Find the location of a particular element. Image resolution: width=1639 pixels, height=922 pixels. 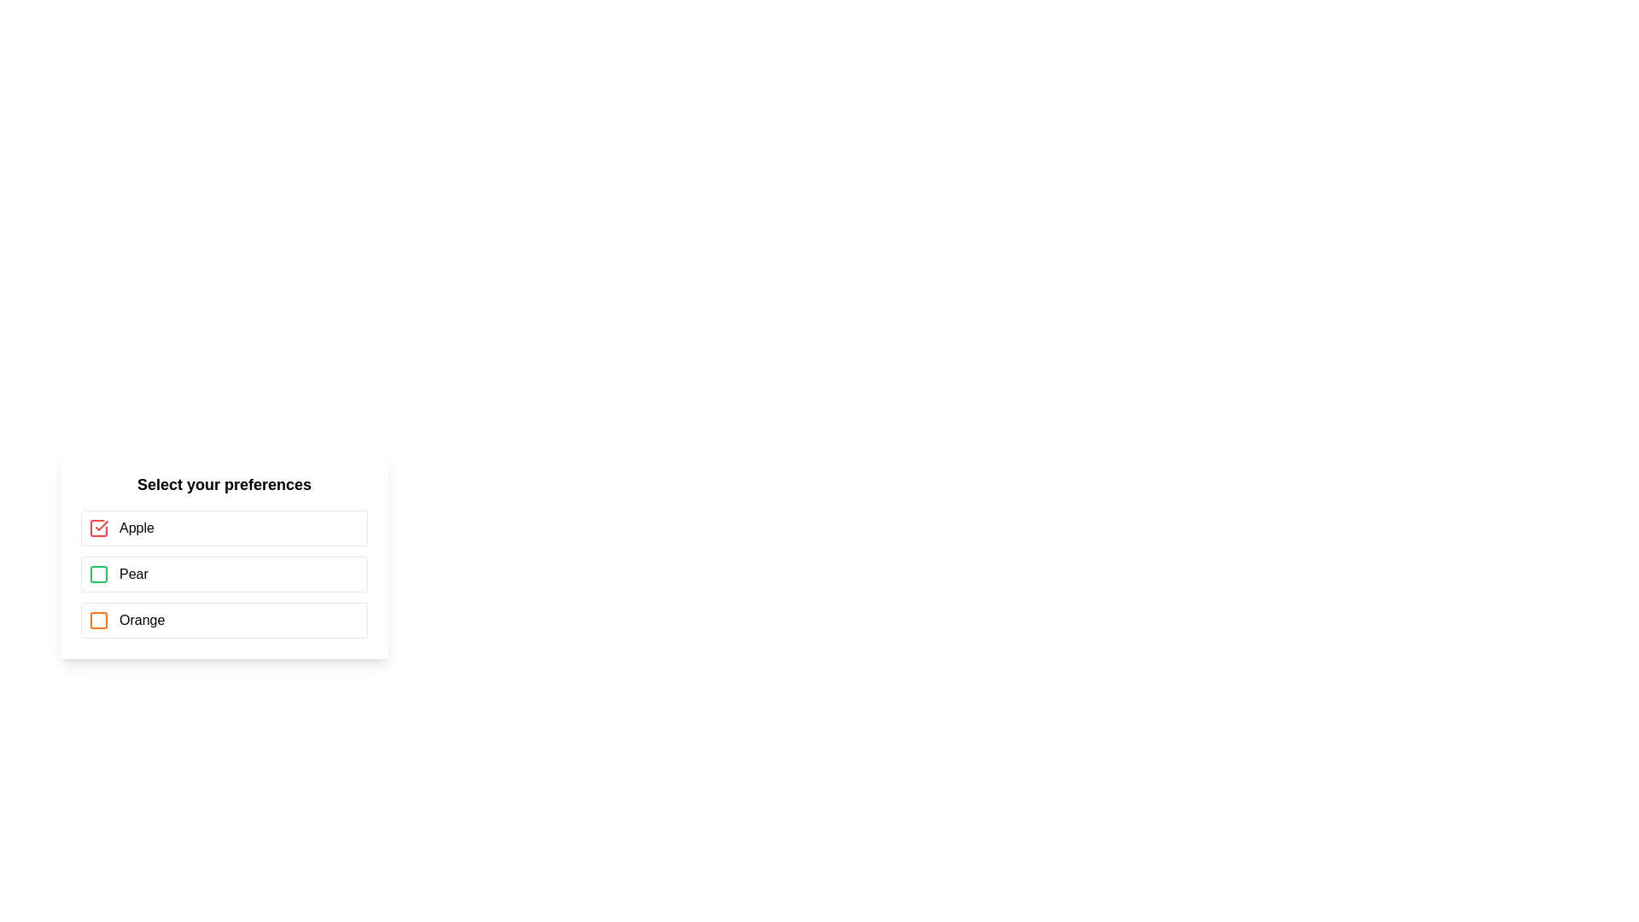

the visual status of the red checkmark icon within the outlined square, located next to the 'Apple' preference option is located at coordinates (97, 527).